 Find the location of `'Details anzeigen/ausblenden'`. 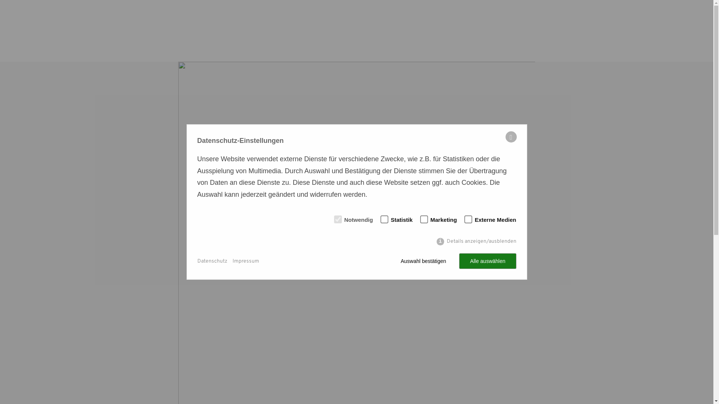

'Details anzeigen/ausblenden' is located at coordinates (476, 241).